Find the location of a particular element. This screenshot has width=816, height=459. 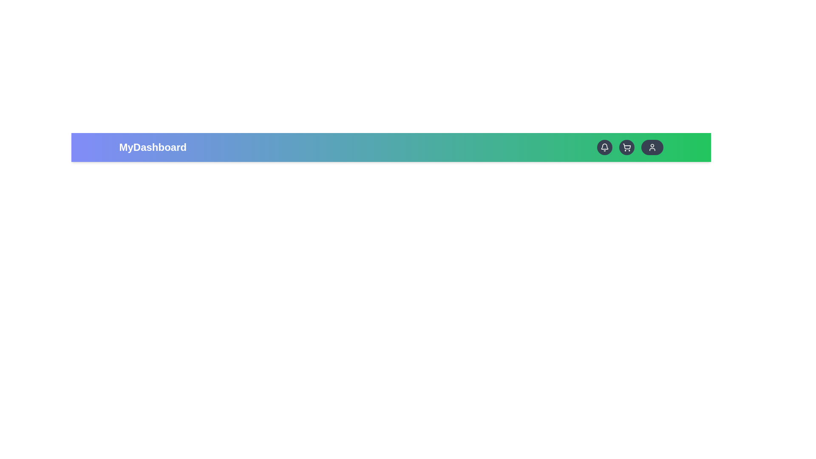

the shopping cart button to access items in the cart is located at coordinates (626, 147).